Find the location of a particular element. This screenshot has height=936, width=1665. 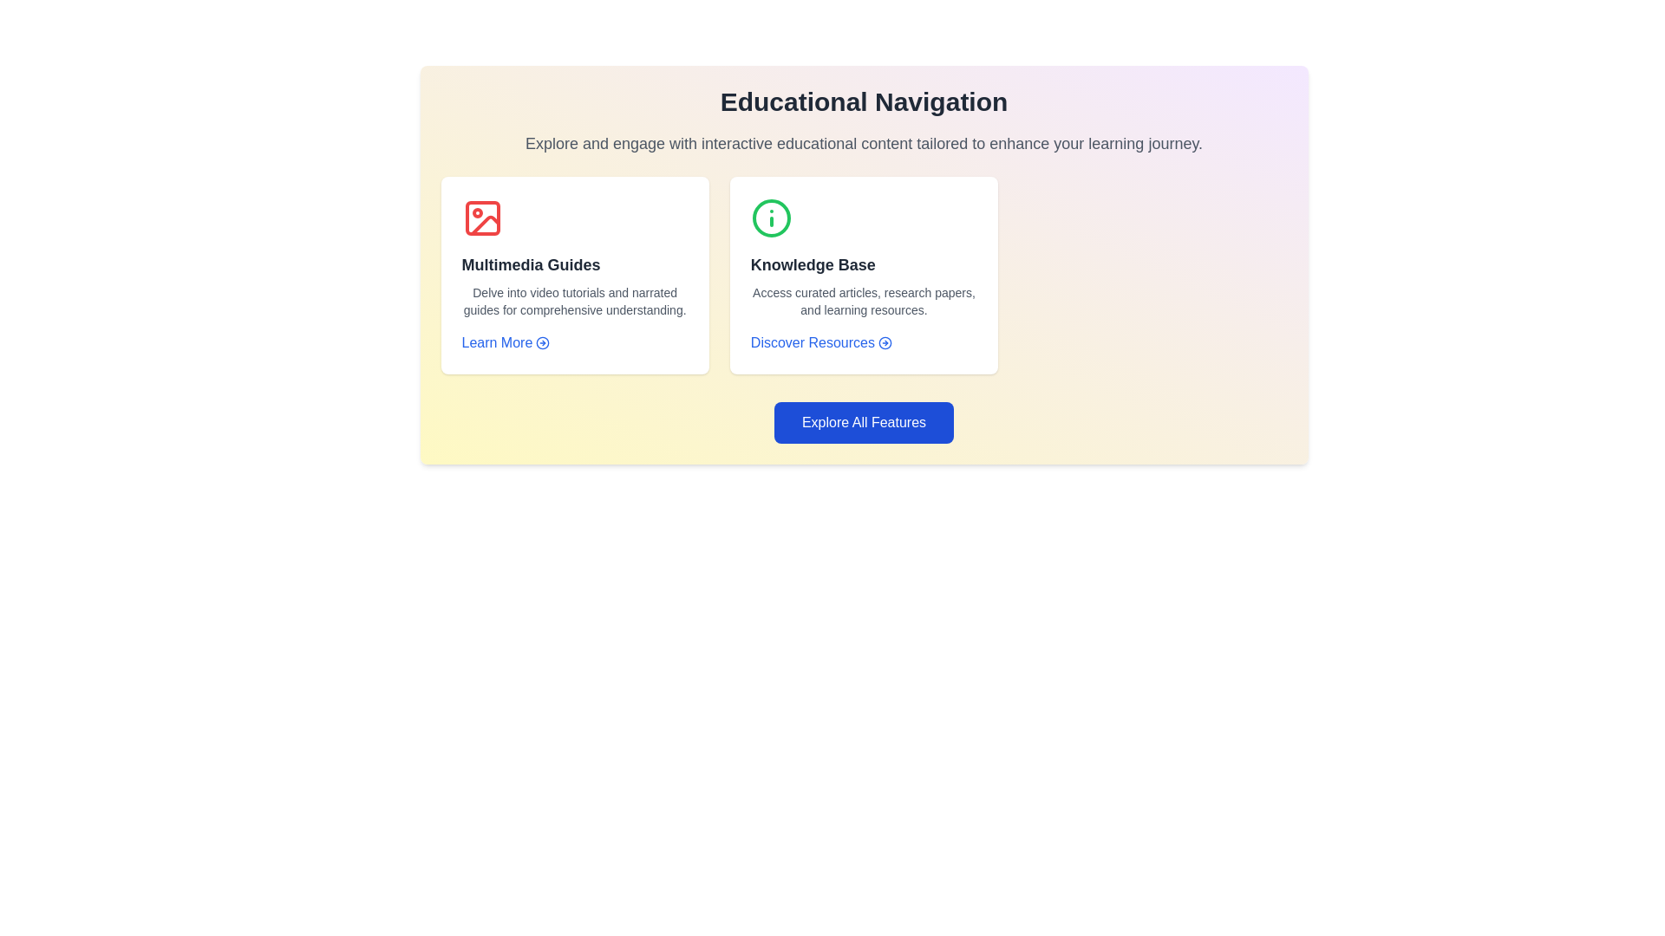

the 'Multimedia Guides' card by interacting with the primary image-related icon located at the top-left of the card is located at coordinates (482, 217).